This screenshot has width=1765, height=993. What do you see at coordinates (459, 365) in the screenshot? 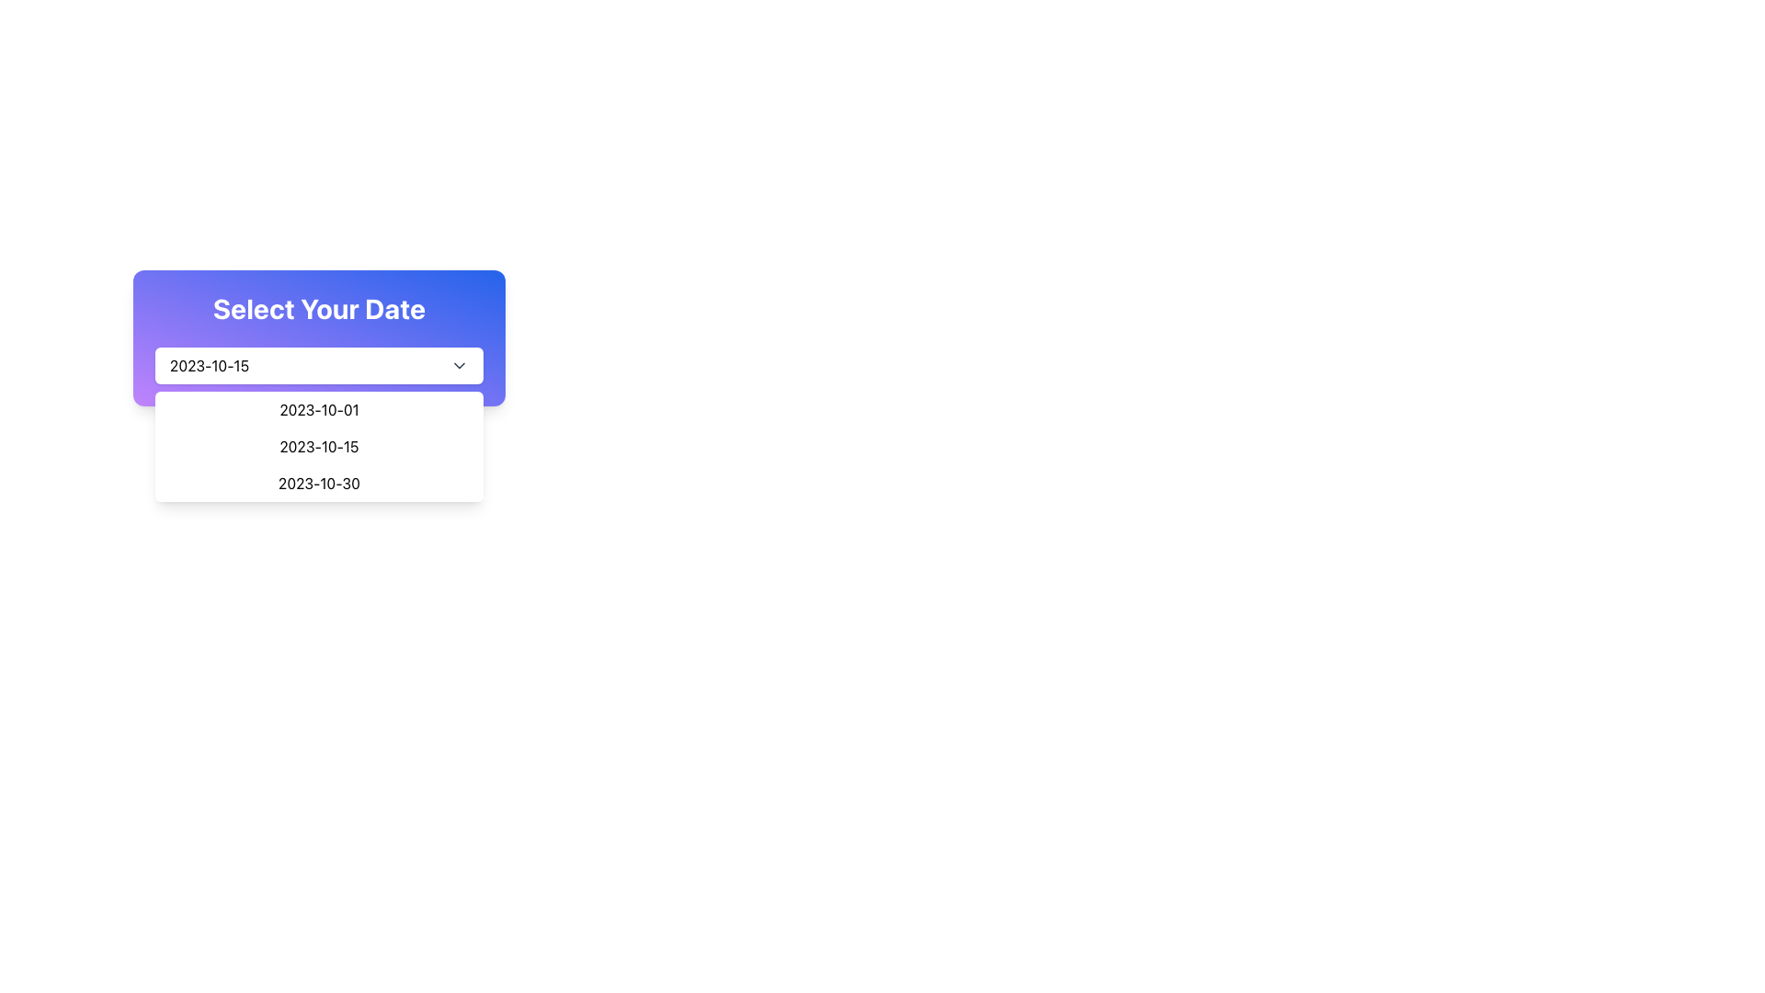
I see `the dropdown menu trigger icon located to the right of the date selection element` at bounding box center [459, 365].